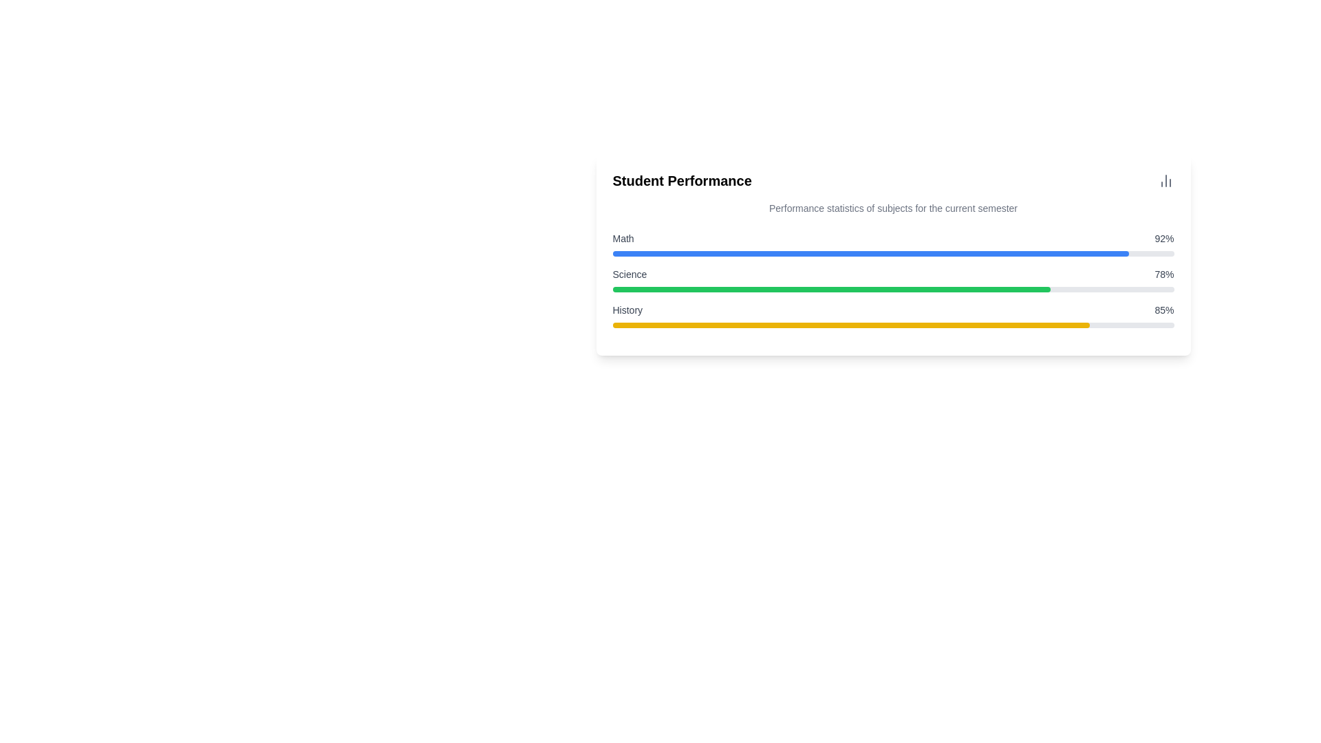  What do you see at coordinates (893, 279) in the screenshot?
I see `the Performance metric component displaying 'Science' with a progress bar filled to 78%` at bounding box center [893, 279].